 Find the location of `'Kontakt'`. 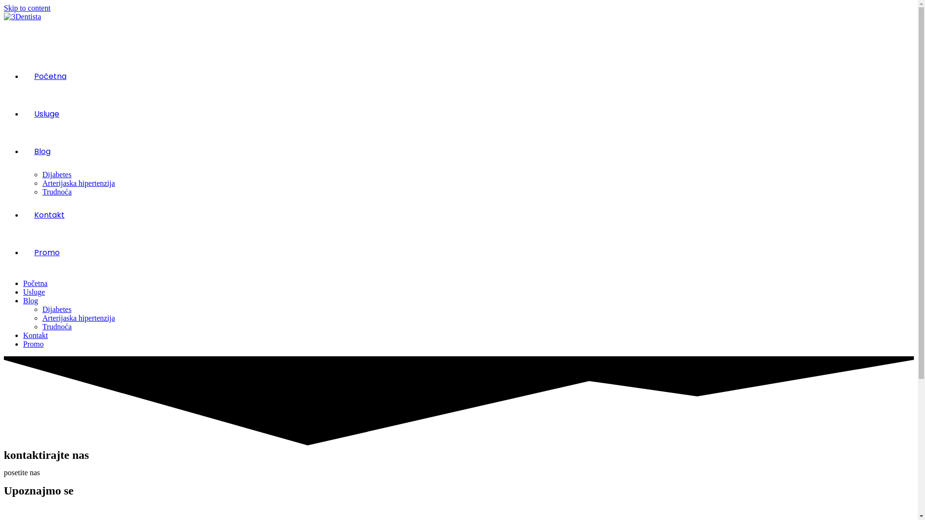

'Kontakt' is located at coordinates (35, 335).